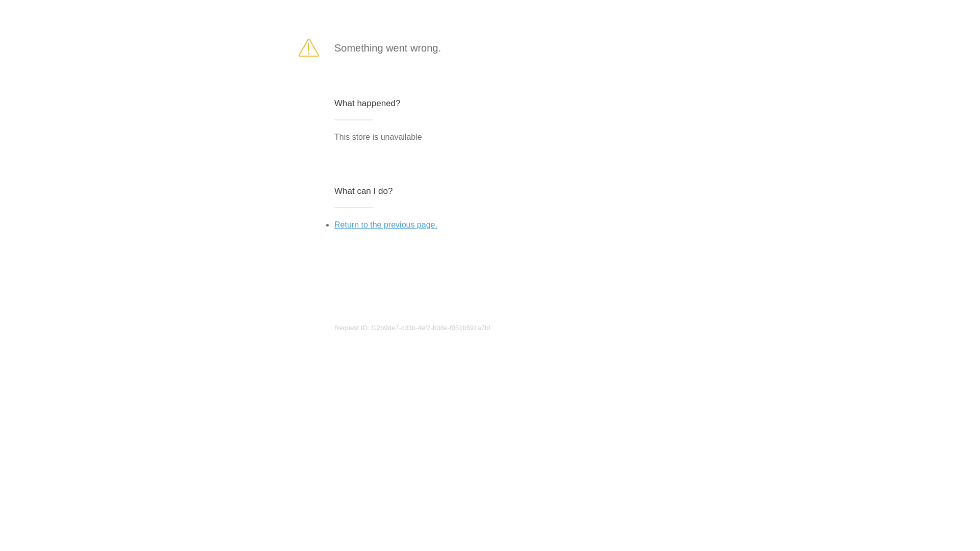  What do you see at coordinates (334, 224) in the screenshot?
I see `'Return to the previous page.'` at bounding box center [334, 224].